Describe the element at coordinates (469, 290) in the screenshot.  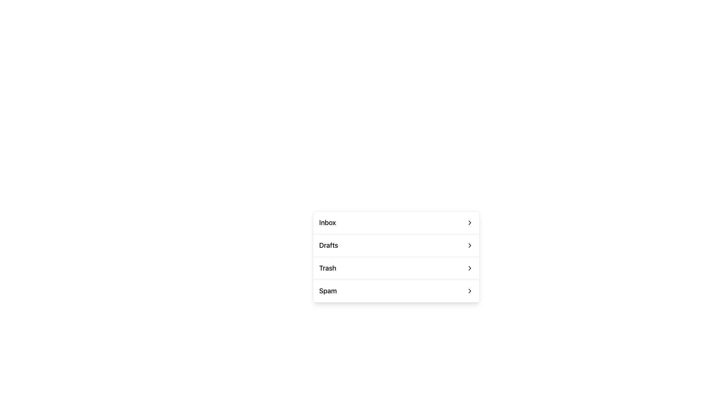
I see `the arrow icon indicating additional options for the 'Spam' menu item` at that location.